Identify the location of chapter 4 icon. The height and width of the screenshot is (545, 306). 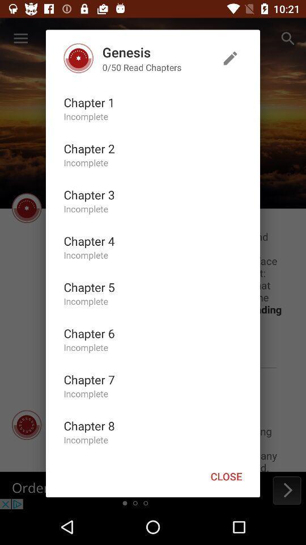
(88, 241).